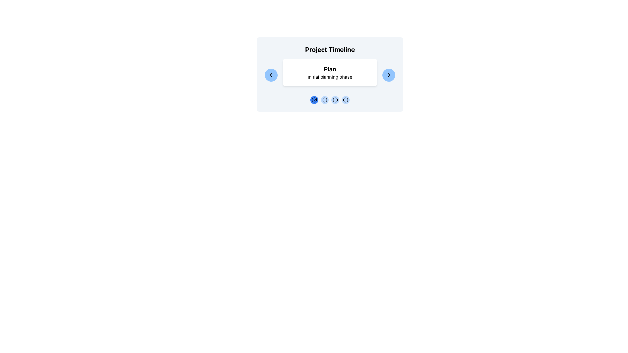 Image resolution: width=628 pixels, height=353 pixels. What do you see at coordinates (330, 76) in the screenshot?
I see `information displayed in the text label that says 'Initial planning phase', which is located directly below the bold text 'Plan' in the timeline interface` at bounding box center [330, 76].